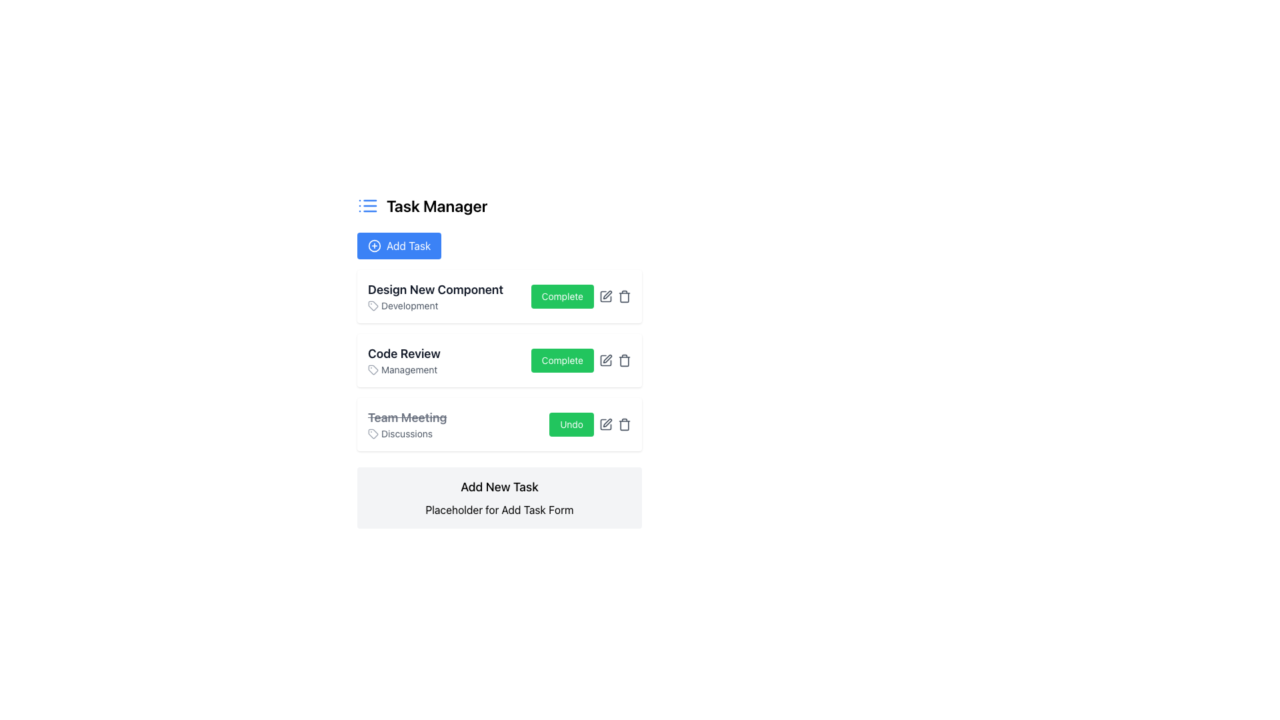 The width and height of the screenshot is (1280, 720). Describe the element at coordinates (399, 246) in the screenshot. I see `the blue 'Add Task' button with rounded corners located beneath the 'Task Manager' header` at that location.